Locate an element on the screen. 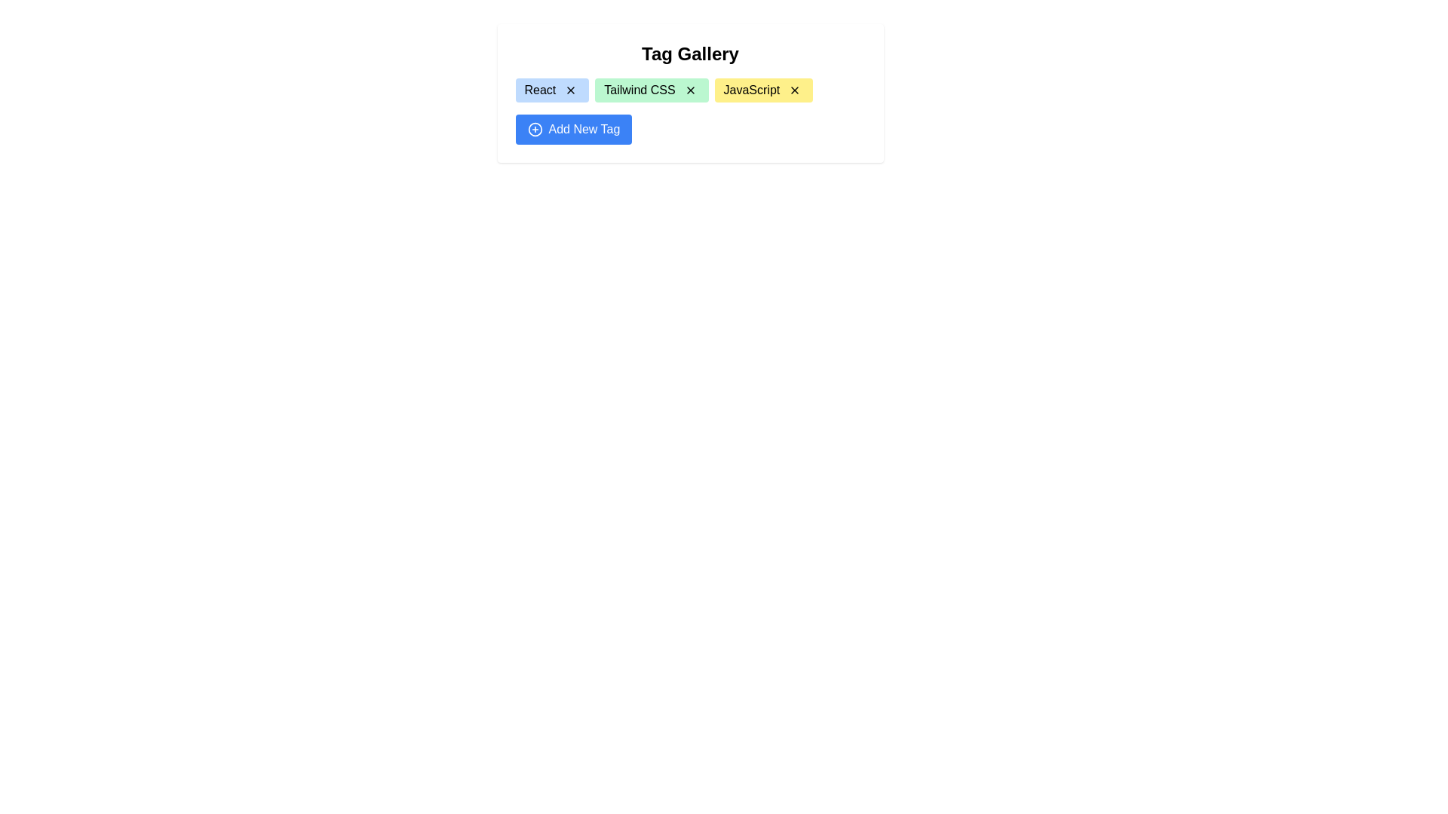  the first badge in the 'Tag Gallery' section is located at coordinates (551, 90).